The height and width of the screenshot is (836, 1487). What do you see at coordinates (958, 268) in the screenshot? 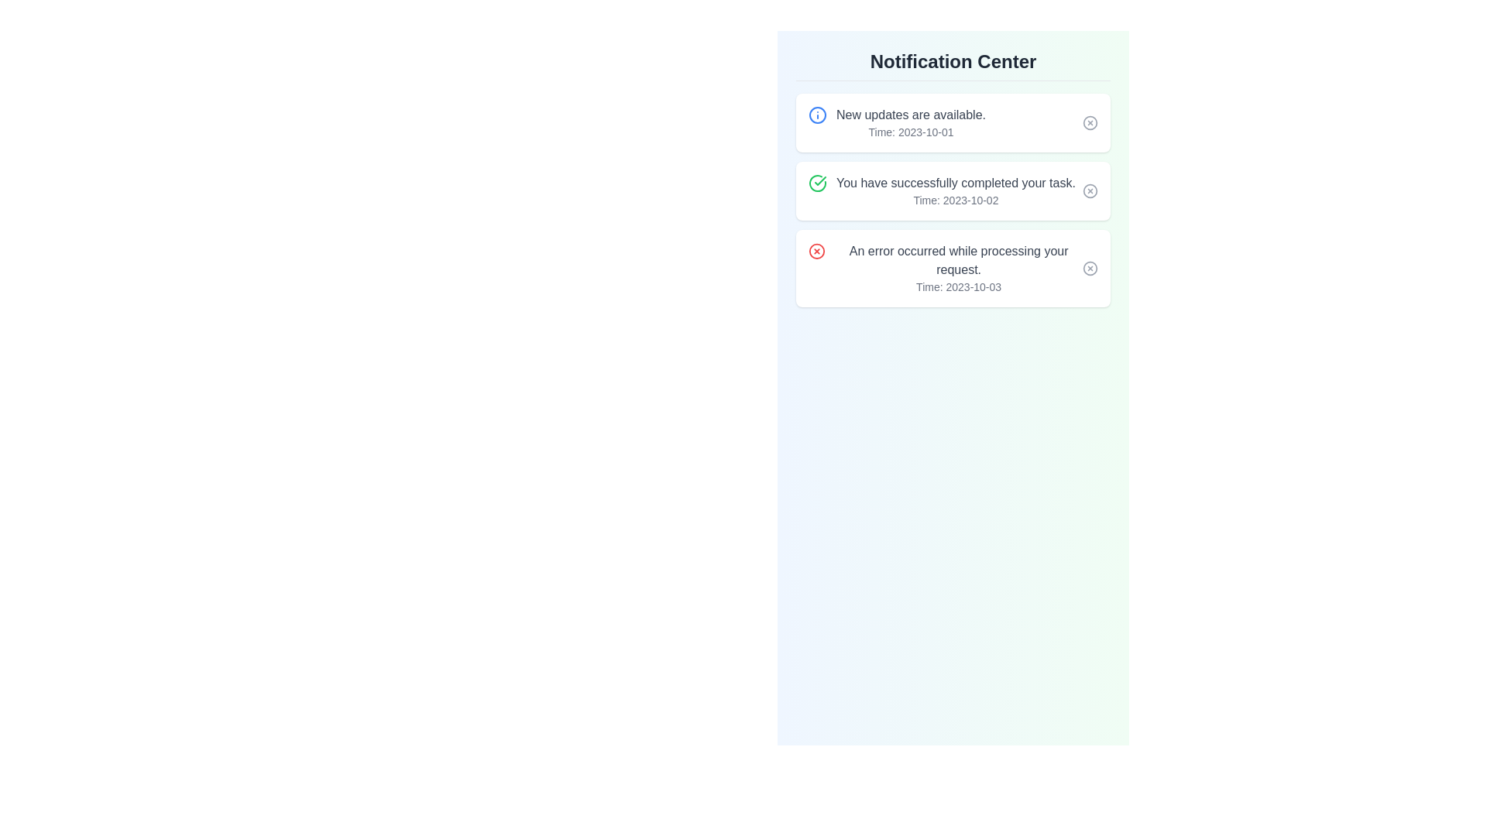
I see `the third notification item in the list, which displays error details and the associated timestamp` at bounding box center [958, 268].